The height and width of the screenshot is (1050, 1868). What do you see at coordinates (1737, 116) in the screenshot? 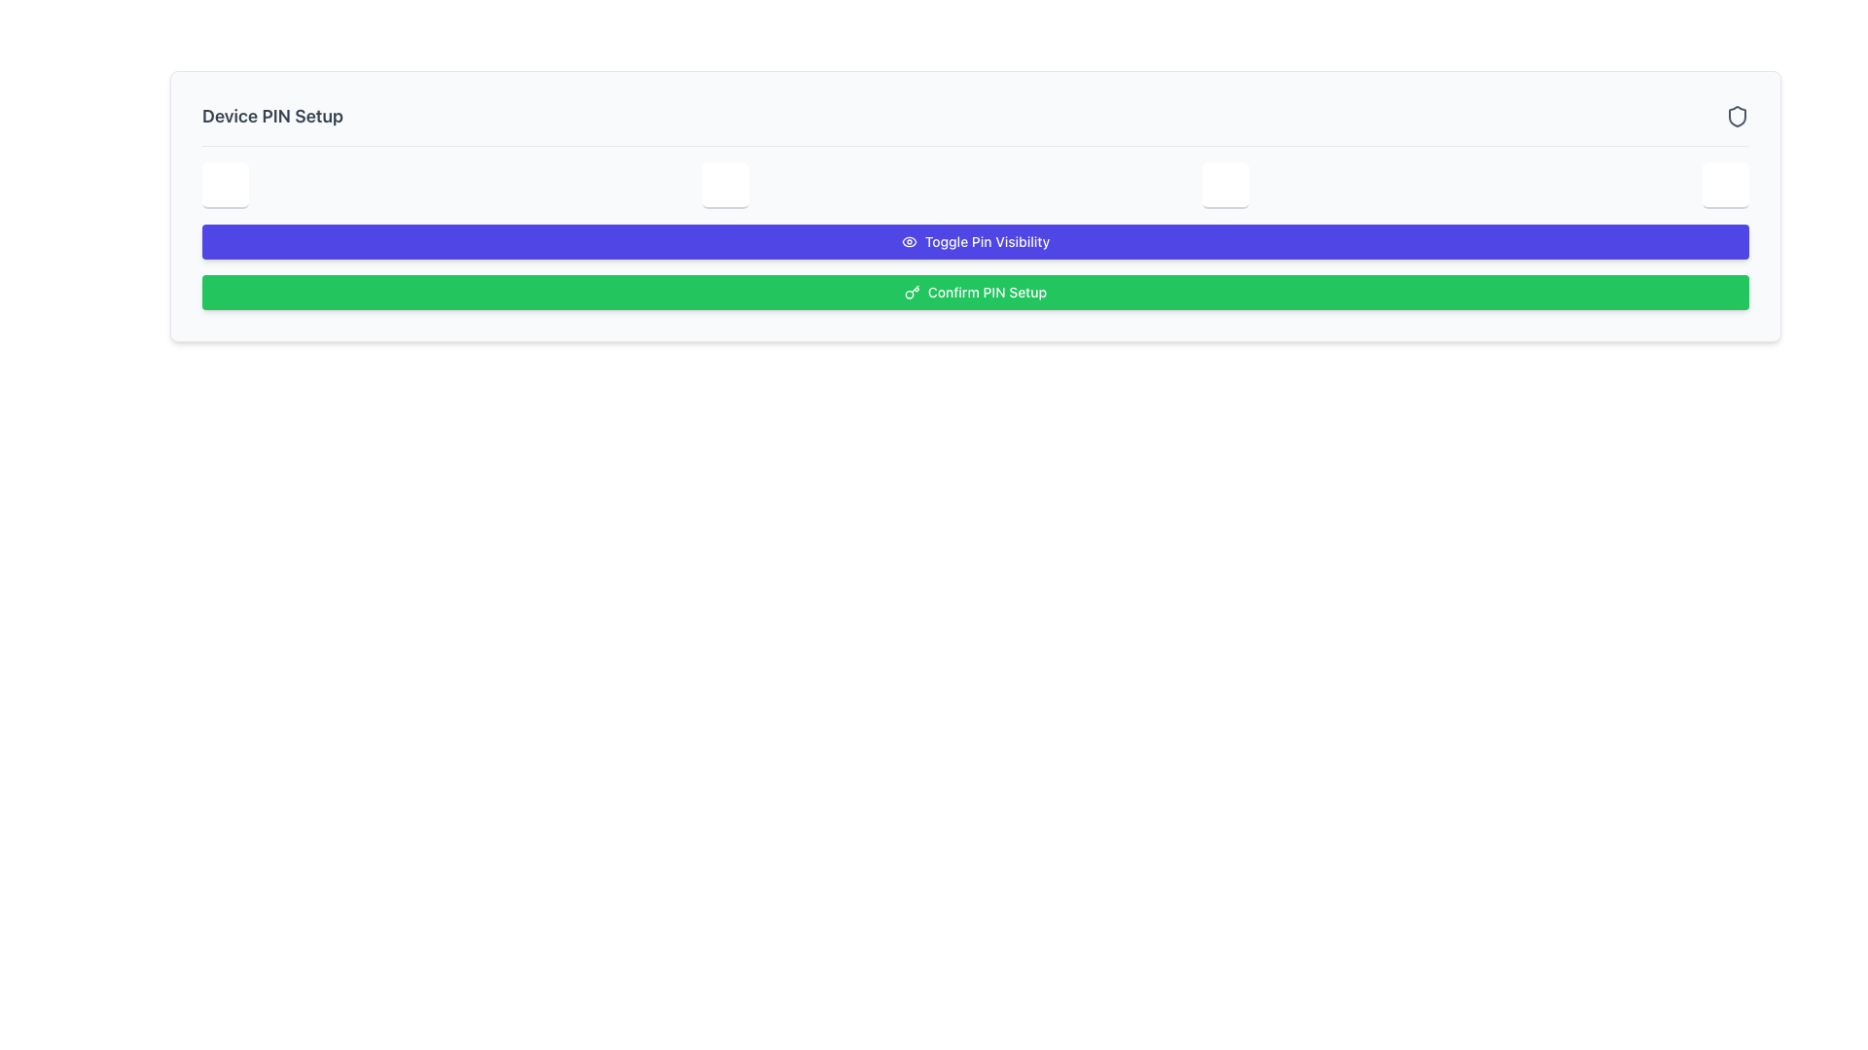
I see `the shield-shaped icon located in the upper-right corner of the interface, which is part of the toolbar or header` at bounding box center [1737, 116].